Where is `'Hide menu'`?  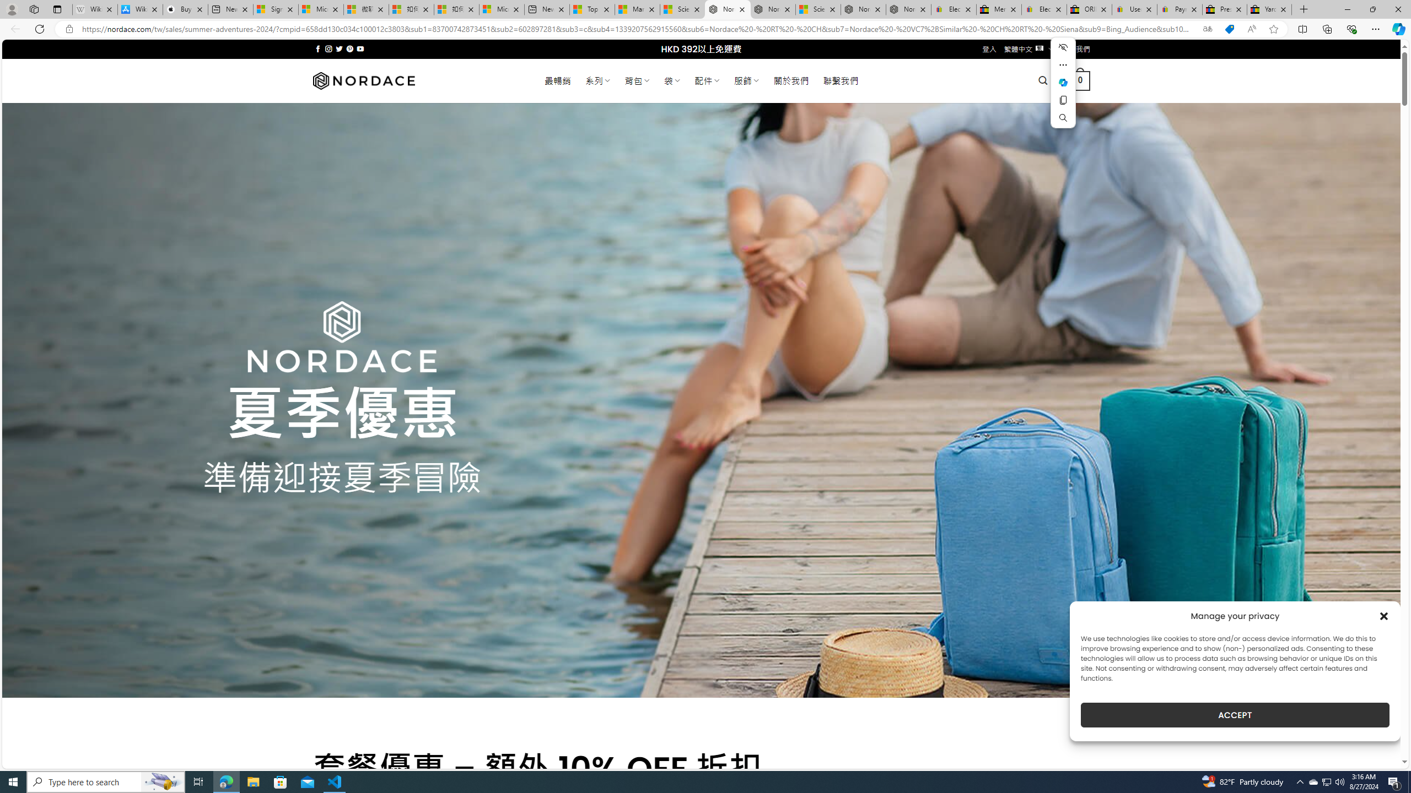
'Hide menu' is located at coordinates (1063, 47).